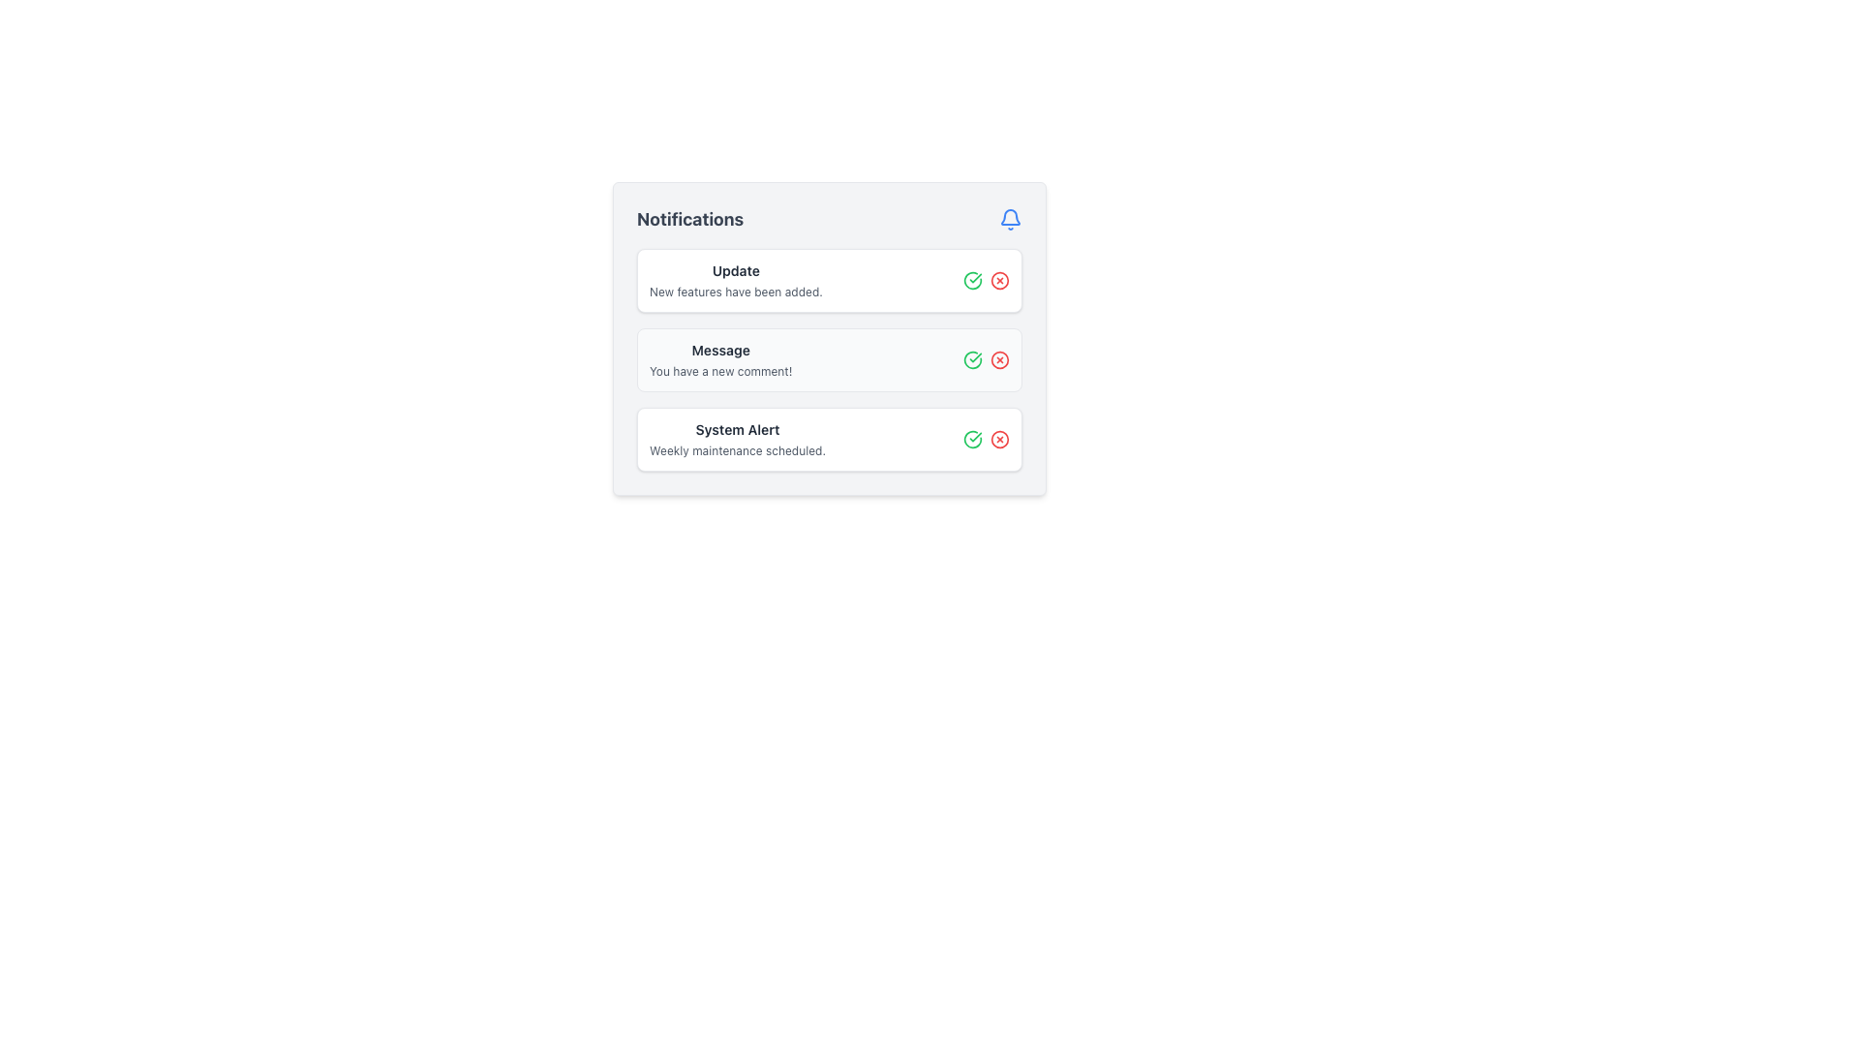  I want to click on text label that states 'Weekly maintenance scheduled.' located below the 'System Alert' header in the third notification card, so click(737, 451).